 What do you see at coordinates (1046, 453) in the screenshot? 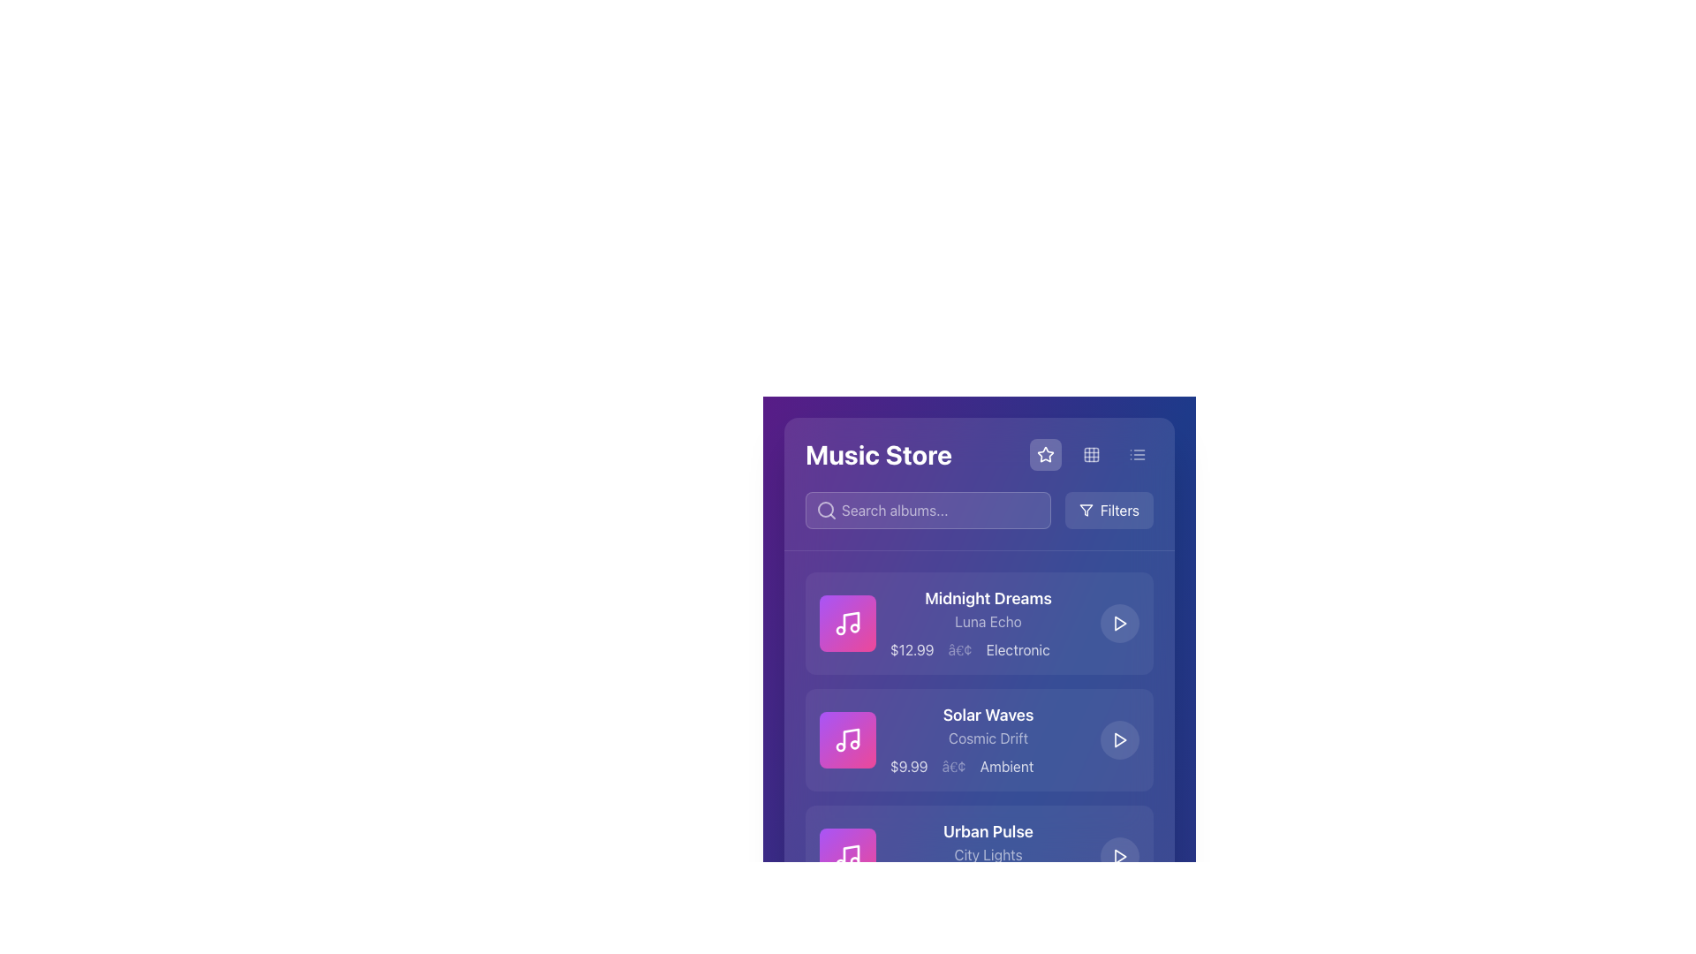
I see `the star-shaped icon in the upper right section of the interface` at bounding box center [1046, 453].